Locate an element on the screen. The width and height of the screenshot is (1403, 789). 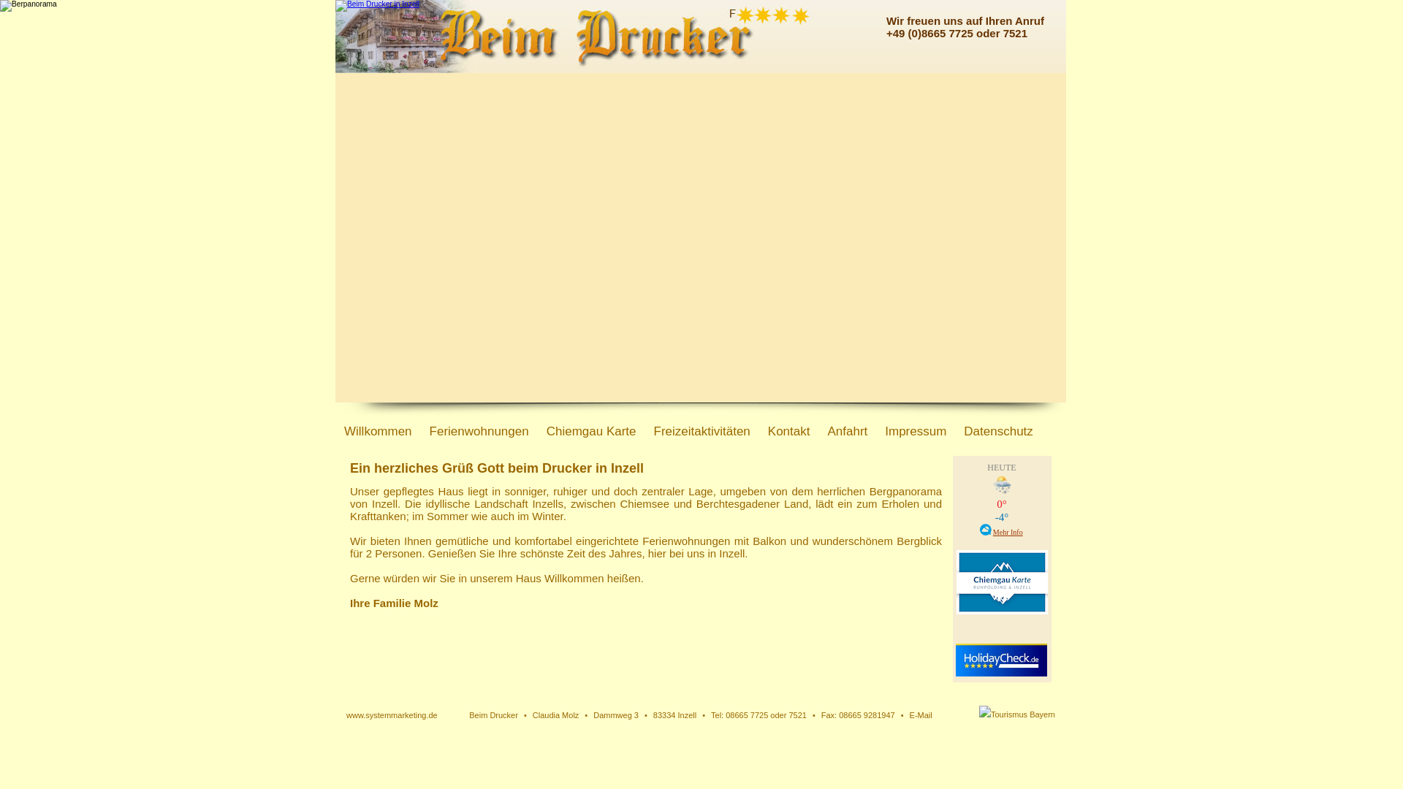
'Zu Tourismus Bayern' is located at coordinates (1016, 714).